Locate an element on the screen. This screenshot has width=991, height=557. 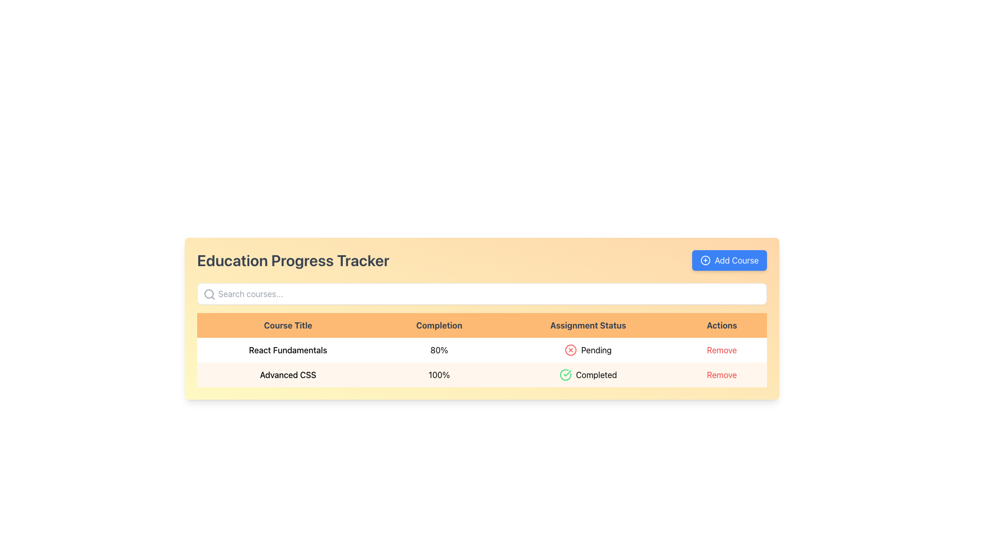
circular shape located at the center of the 'Add Course' button, which has a blue background and is positioned in the top right corner of the layout is located at coordinates (705, 260).